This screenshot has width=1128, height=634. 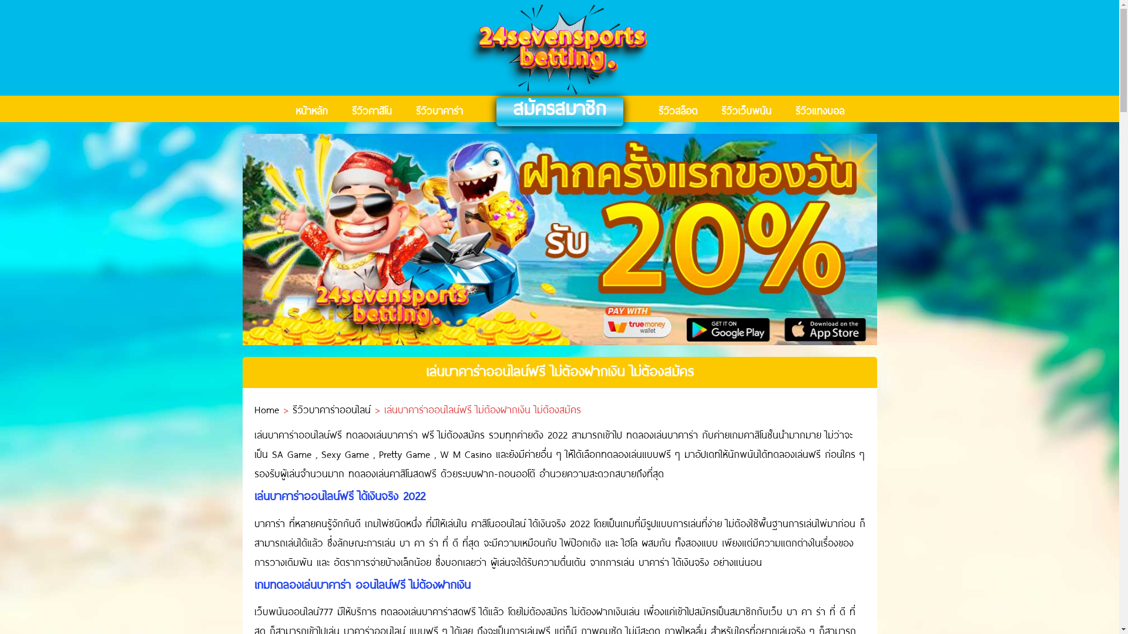 I want to click on 'Home', so click(x=265, y=409).